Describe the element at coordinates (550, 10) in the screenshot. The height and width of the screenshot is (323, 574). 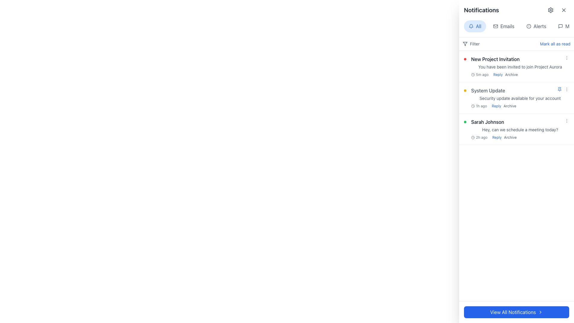
I see `the gear icon for settings located in the top-right corner of the notification panel, to the left of the close button` at that location.